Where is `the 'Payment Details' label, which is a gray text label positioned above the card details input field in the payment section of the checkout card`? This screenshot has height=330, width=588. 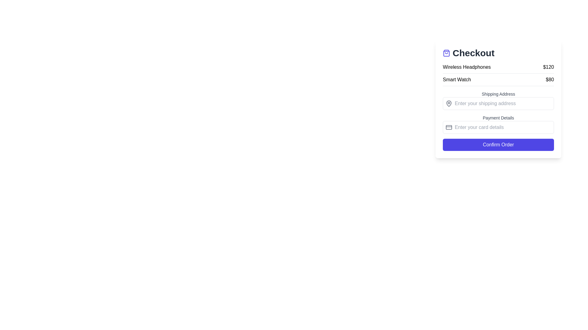
the 'Payment Details' label, which is a gray text label positioned above the card details input field in the payment section of the checkout card is located at coordinates (498, 118).